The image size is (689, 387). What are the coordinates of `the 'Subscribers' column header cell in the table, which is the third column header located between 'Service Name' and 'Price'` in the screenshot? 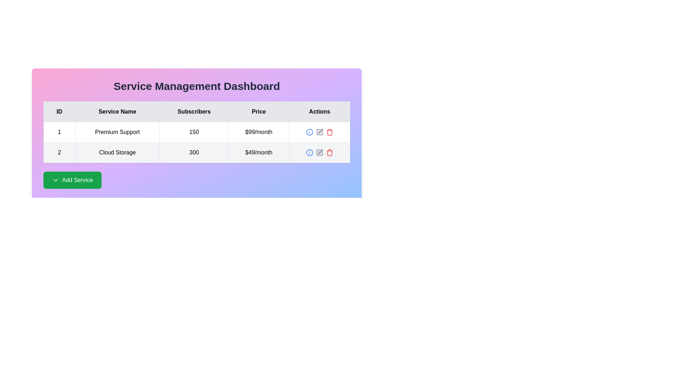 It's located at (194, 112).